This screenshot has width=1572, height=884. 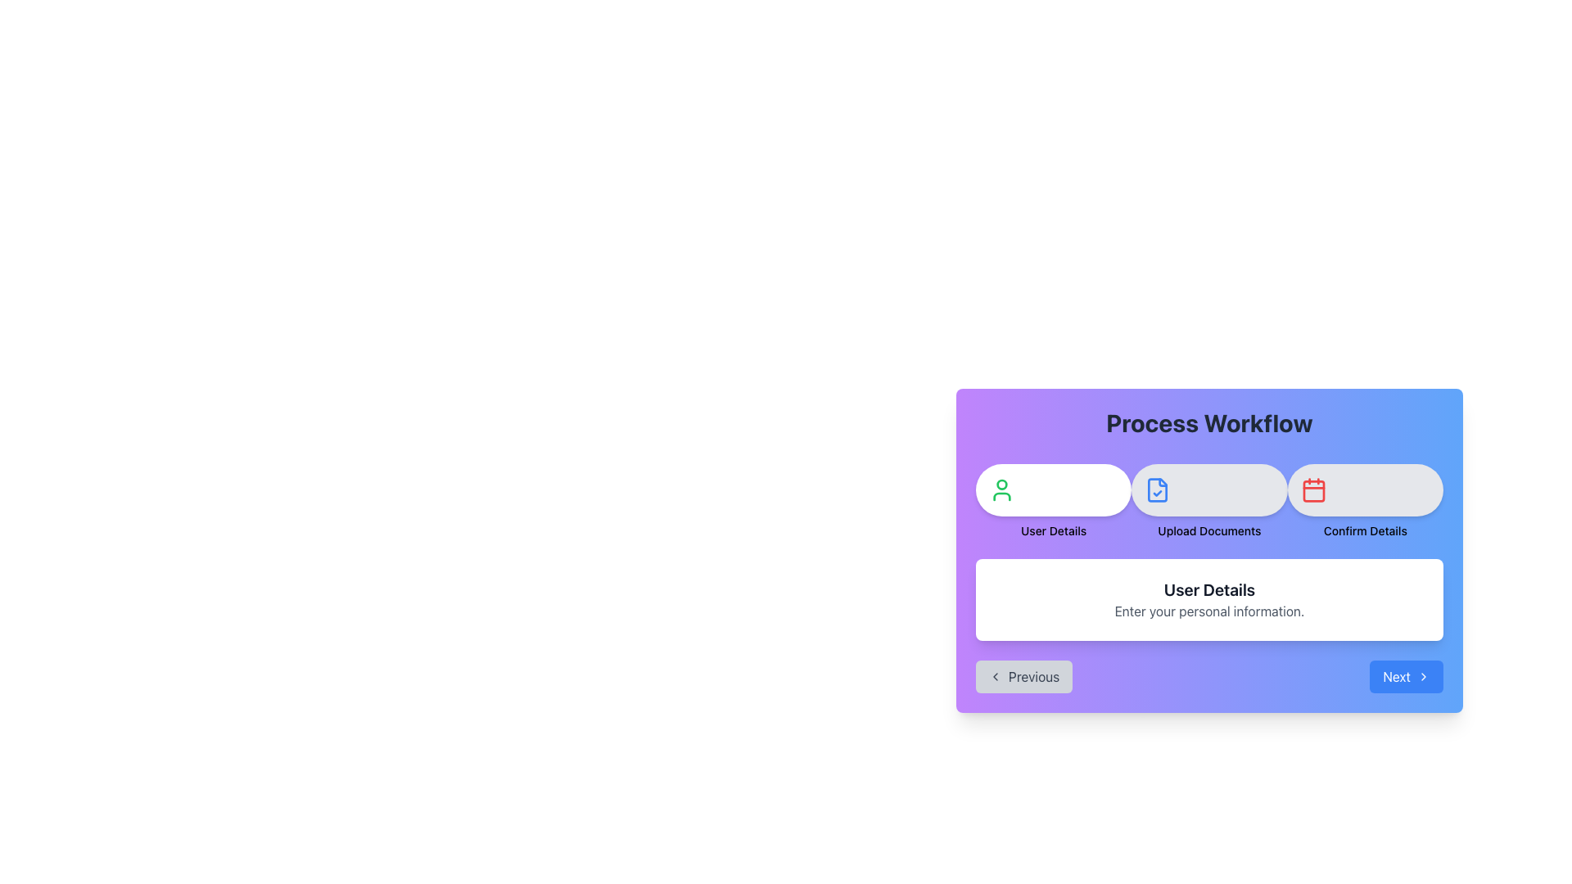 What do you see at coordinates (1365, 501) in the screenshot?
I see `the 'Confirm Details' step indicator button, which is the last button in a sequence under 'Process Workflow'` at bounding box center [1365, 501].